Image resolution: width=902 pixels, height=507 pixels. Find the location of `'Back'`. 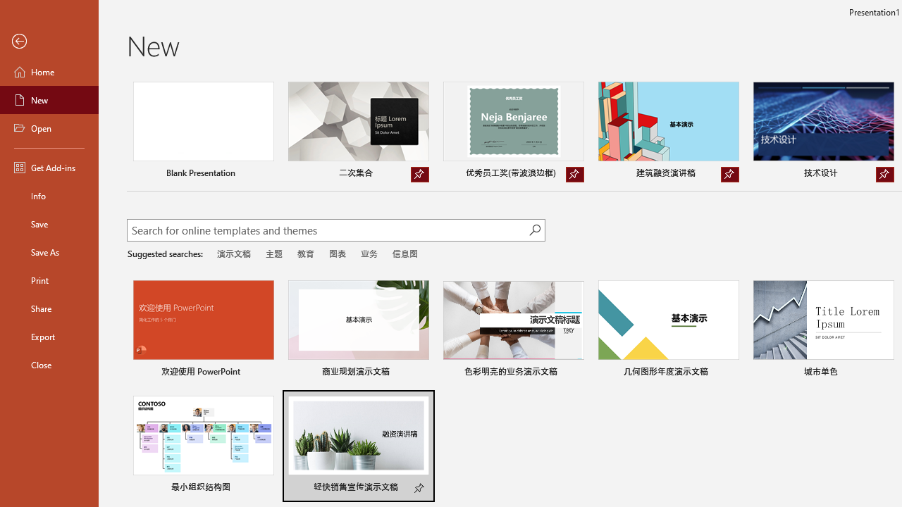

'Back' is located at coordinates (49, 41).